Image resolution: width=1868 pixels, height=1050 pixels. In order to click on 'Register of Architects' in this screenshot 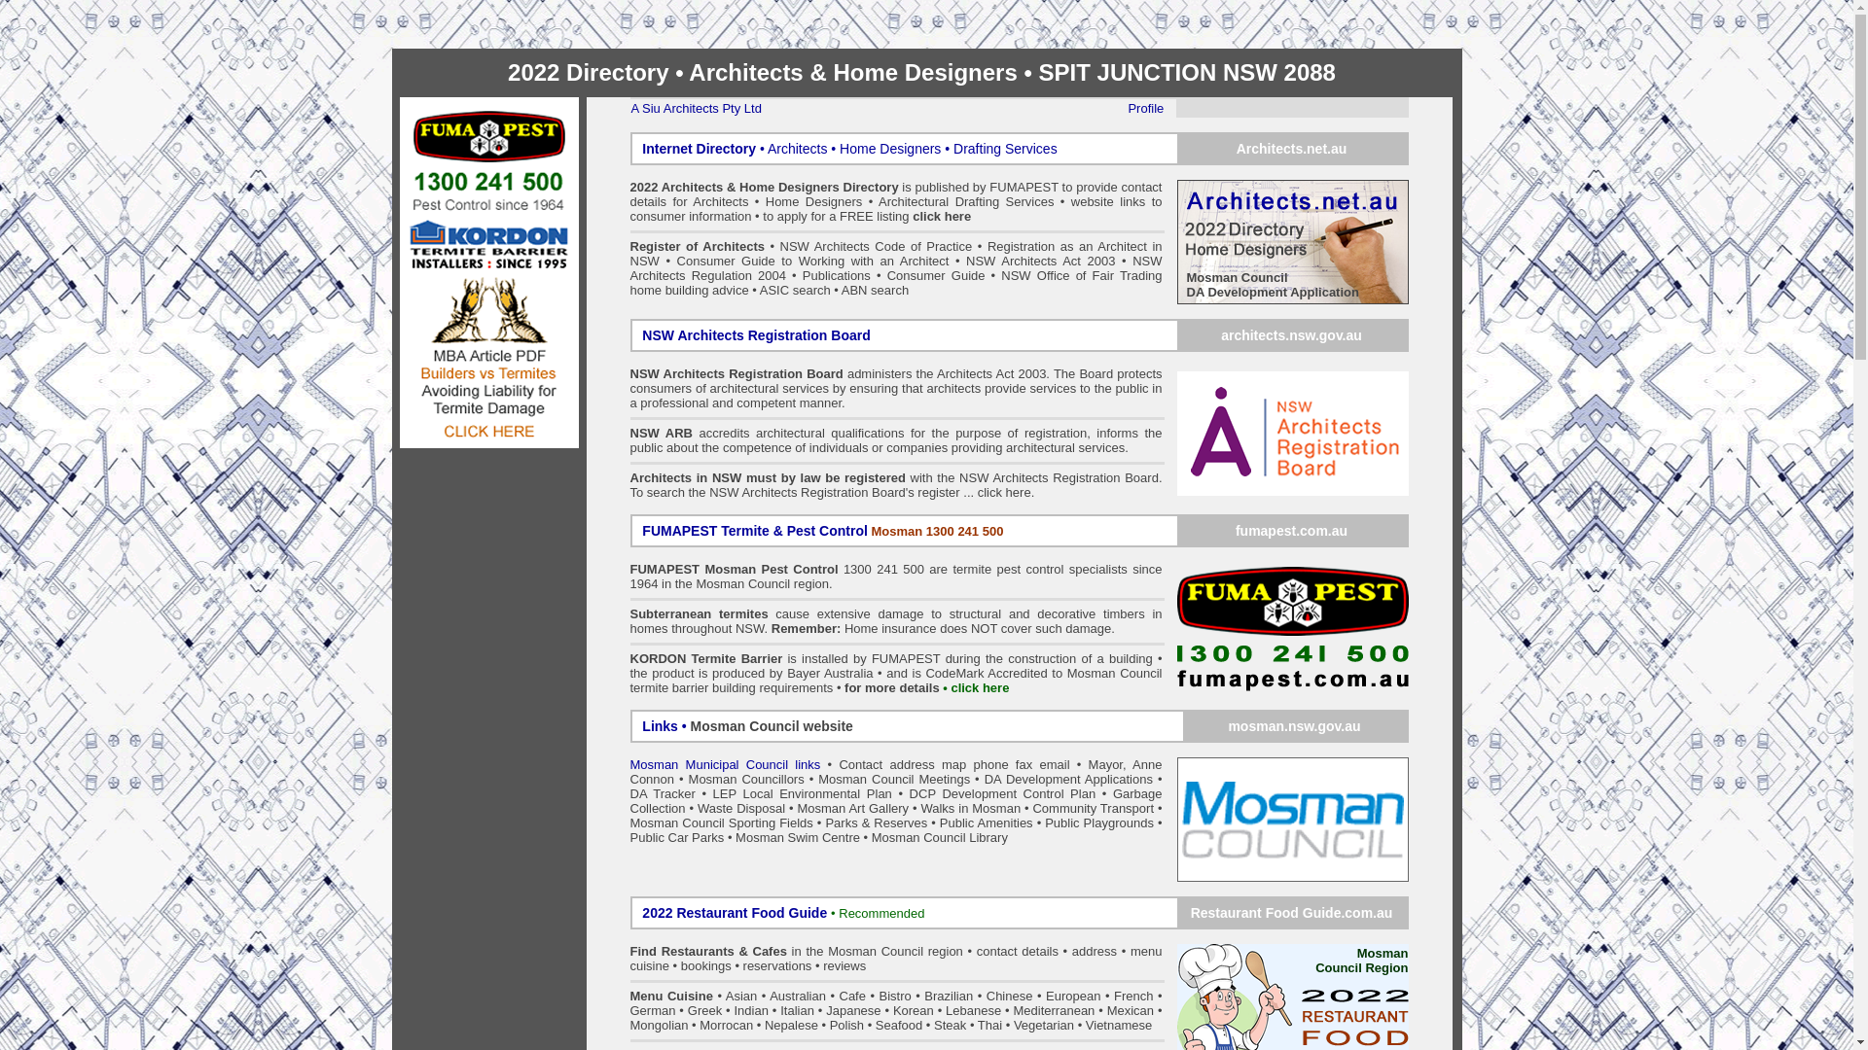, I will do `click(630, 245)`.